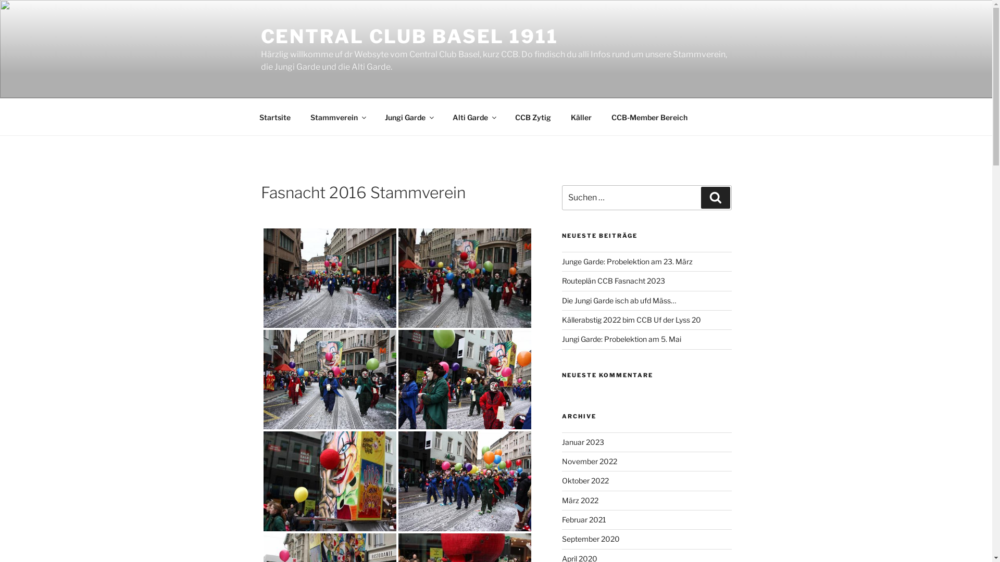 The width and height of the screenshot is (1000, 562). What do you see at coordinates (621, 339) in the screenshot?
I see `'Jungi Garde: Probelektion am 5. Mai'` at bounding box center [621, 339].